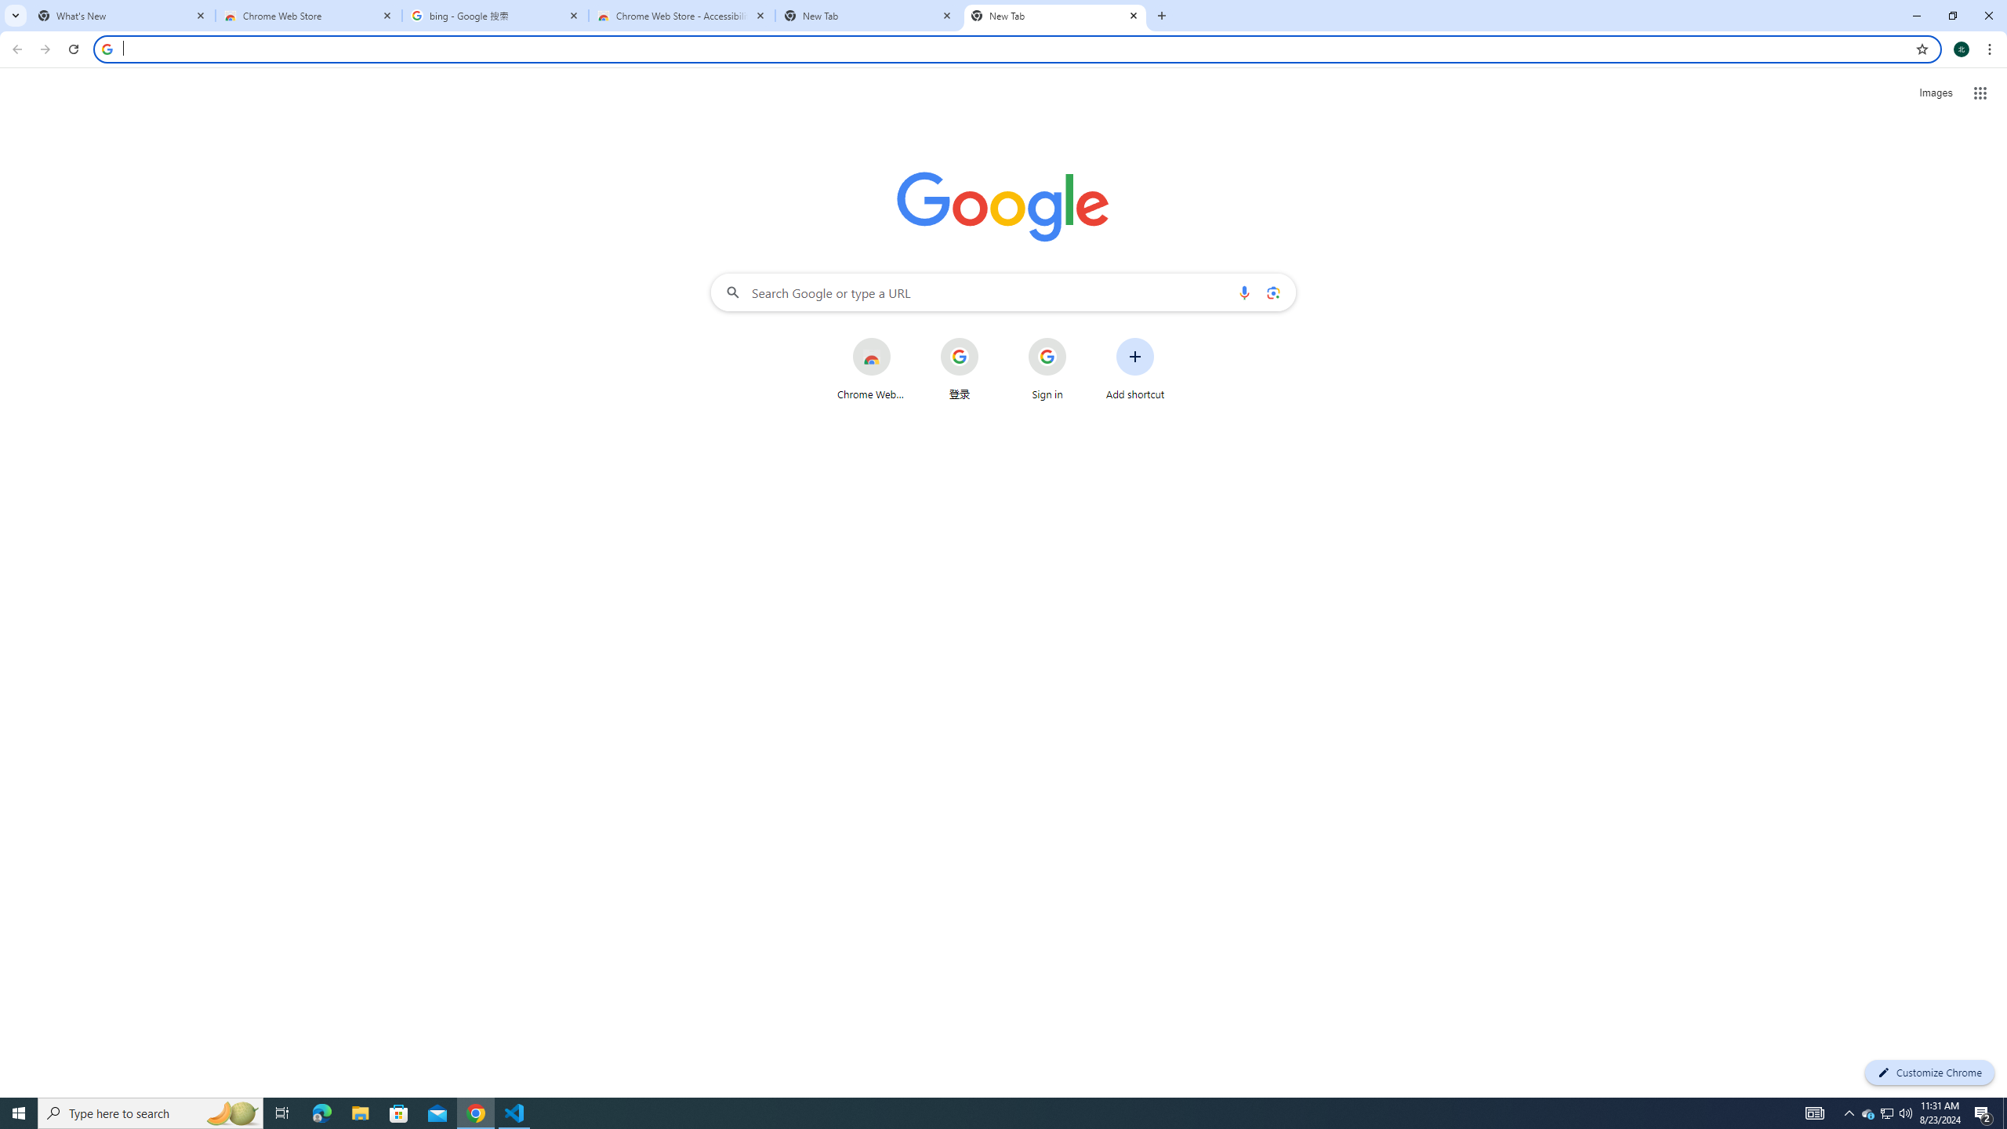  What do you see at coordinates (1243, 291) in the screenshot?
I see `'Search by voice'` at bounding box center [1243, 291].